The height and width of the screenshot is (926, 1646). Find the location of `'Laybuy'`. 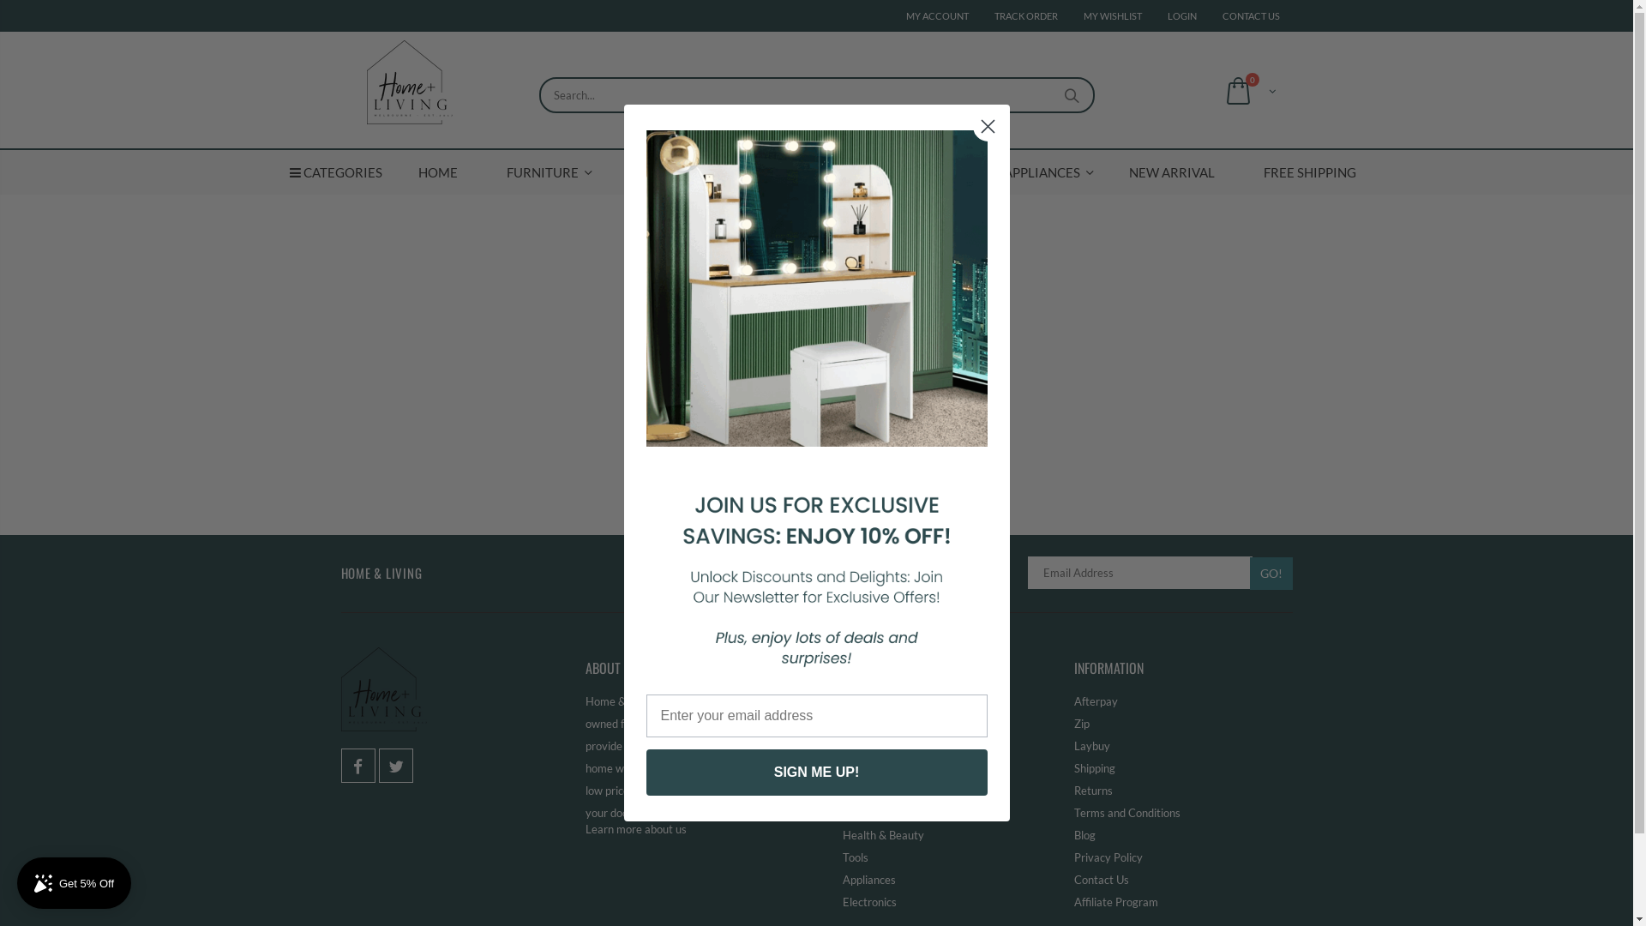

'Laybuy' is located at coordinates (1072, 745).